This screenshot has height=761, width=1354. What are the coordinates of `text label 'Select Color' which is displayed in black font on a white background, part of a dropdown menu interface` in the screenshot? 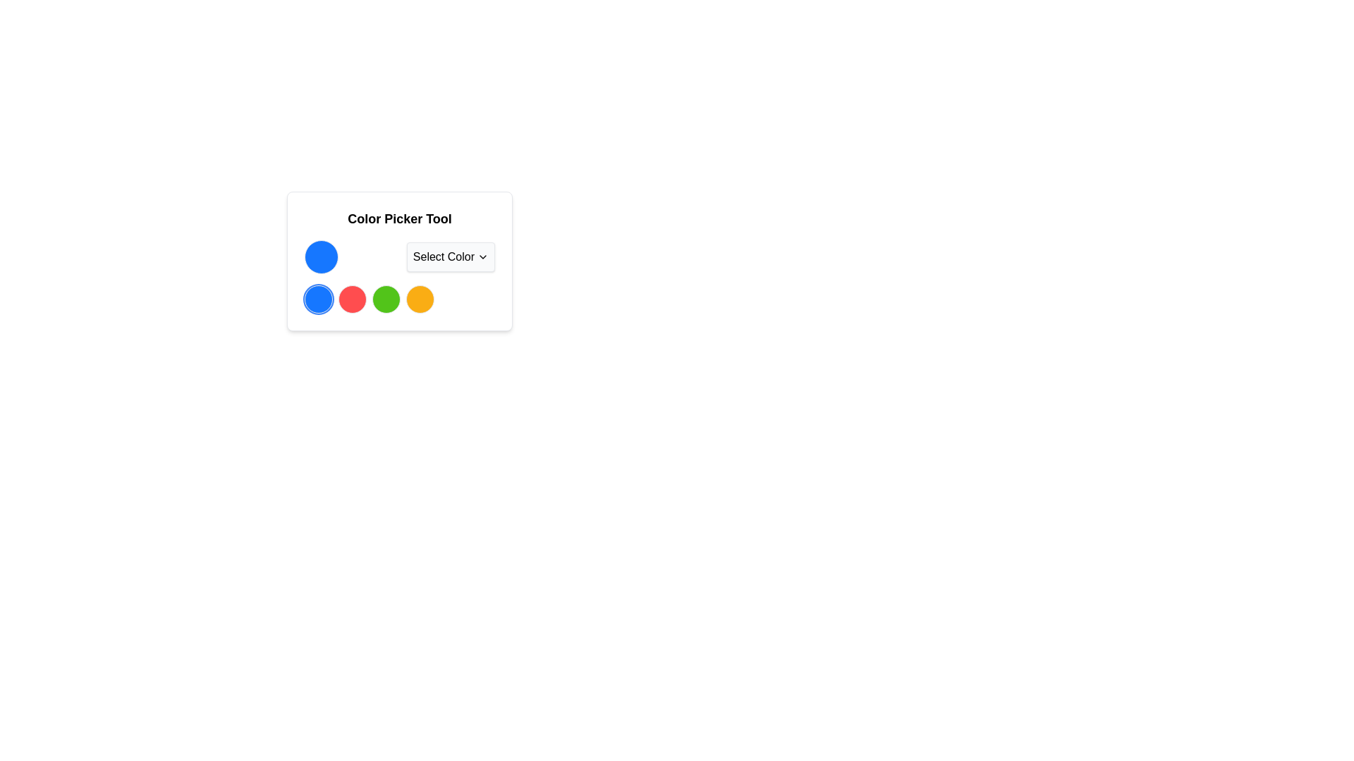 It's located at (443, 257).